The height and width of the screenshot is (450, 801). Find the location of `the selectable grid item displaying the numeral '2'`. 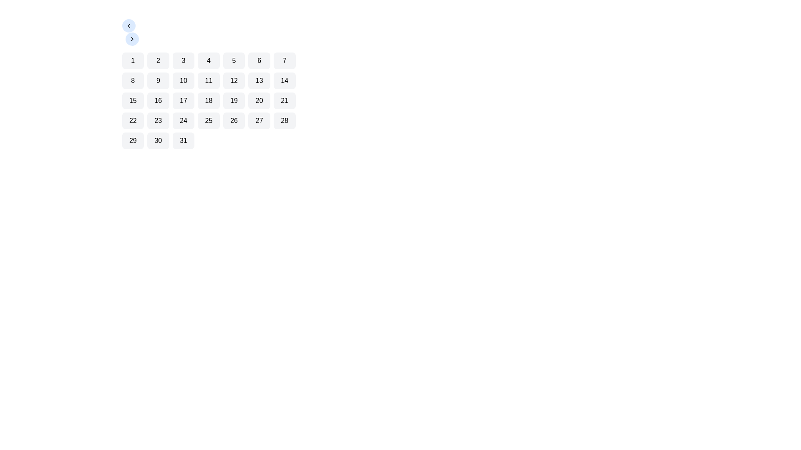

the selectable grid item displaying the numeral '2' is located at coordinates (158, 60).